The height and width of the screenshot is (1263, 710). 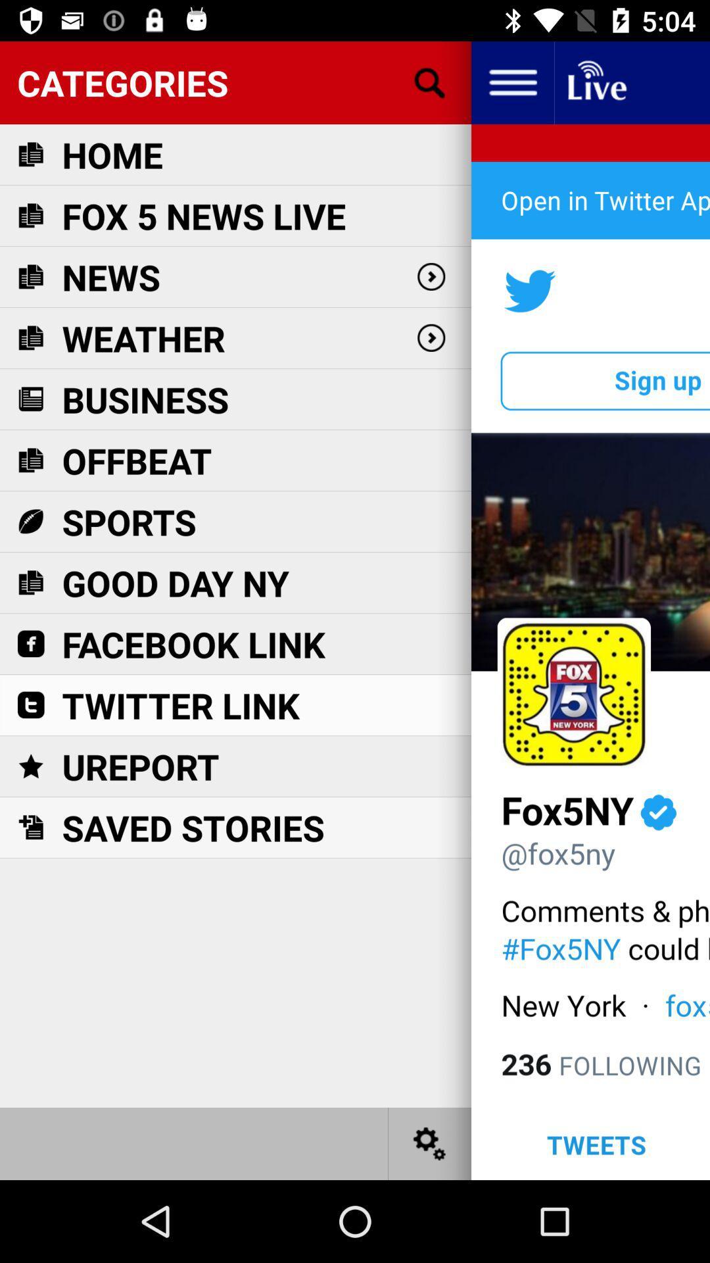 What do you see at coordinates (193, 644) in the screenshot?
I see `facebook link` at bounding box center [193, 644].